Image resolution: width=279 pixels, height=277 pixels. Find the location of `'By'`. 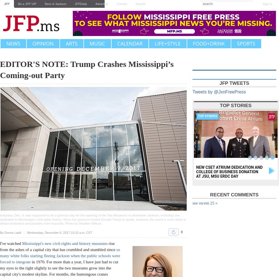

'By' is located at coordinates (2, 232).